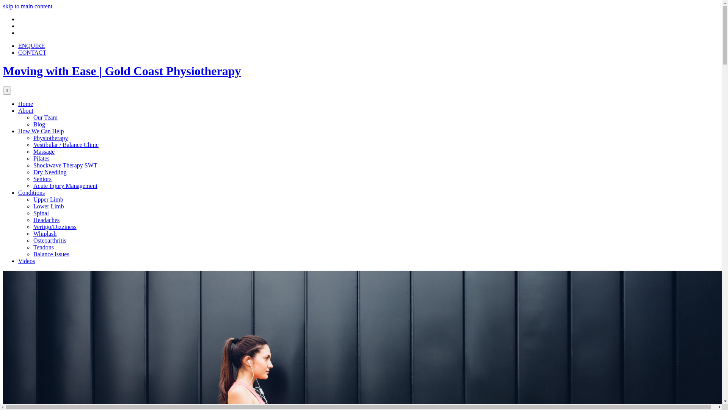 This screenshot has width=728, height=410. I want to click on 'Upper Limb', so click(48, 199).